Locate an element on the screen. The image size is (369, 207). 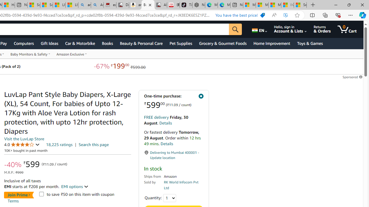
'Computers' is located at coordinates (23, 43).